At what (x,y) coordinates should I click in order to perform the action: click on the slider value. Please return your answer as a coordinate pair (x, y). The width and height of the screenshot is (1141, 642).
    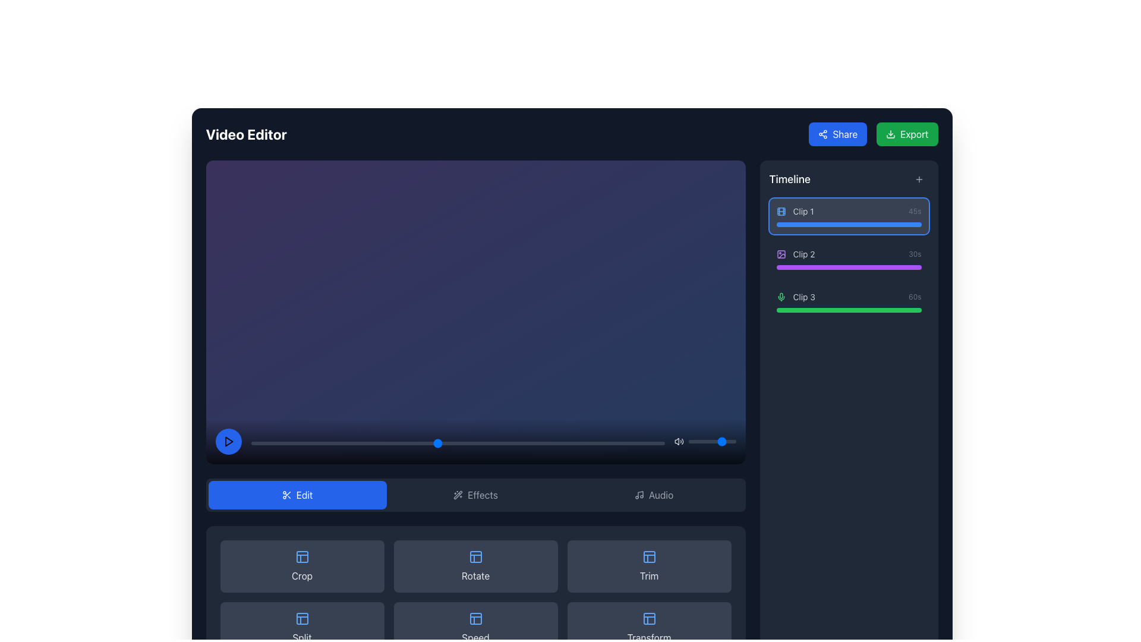
    Looking at the image, I should click on (727, 441).